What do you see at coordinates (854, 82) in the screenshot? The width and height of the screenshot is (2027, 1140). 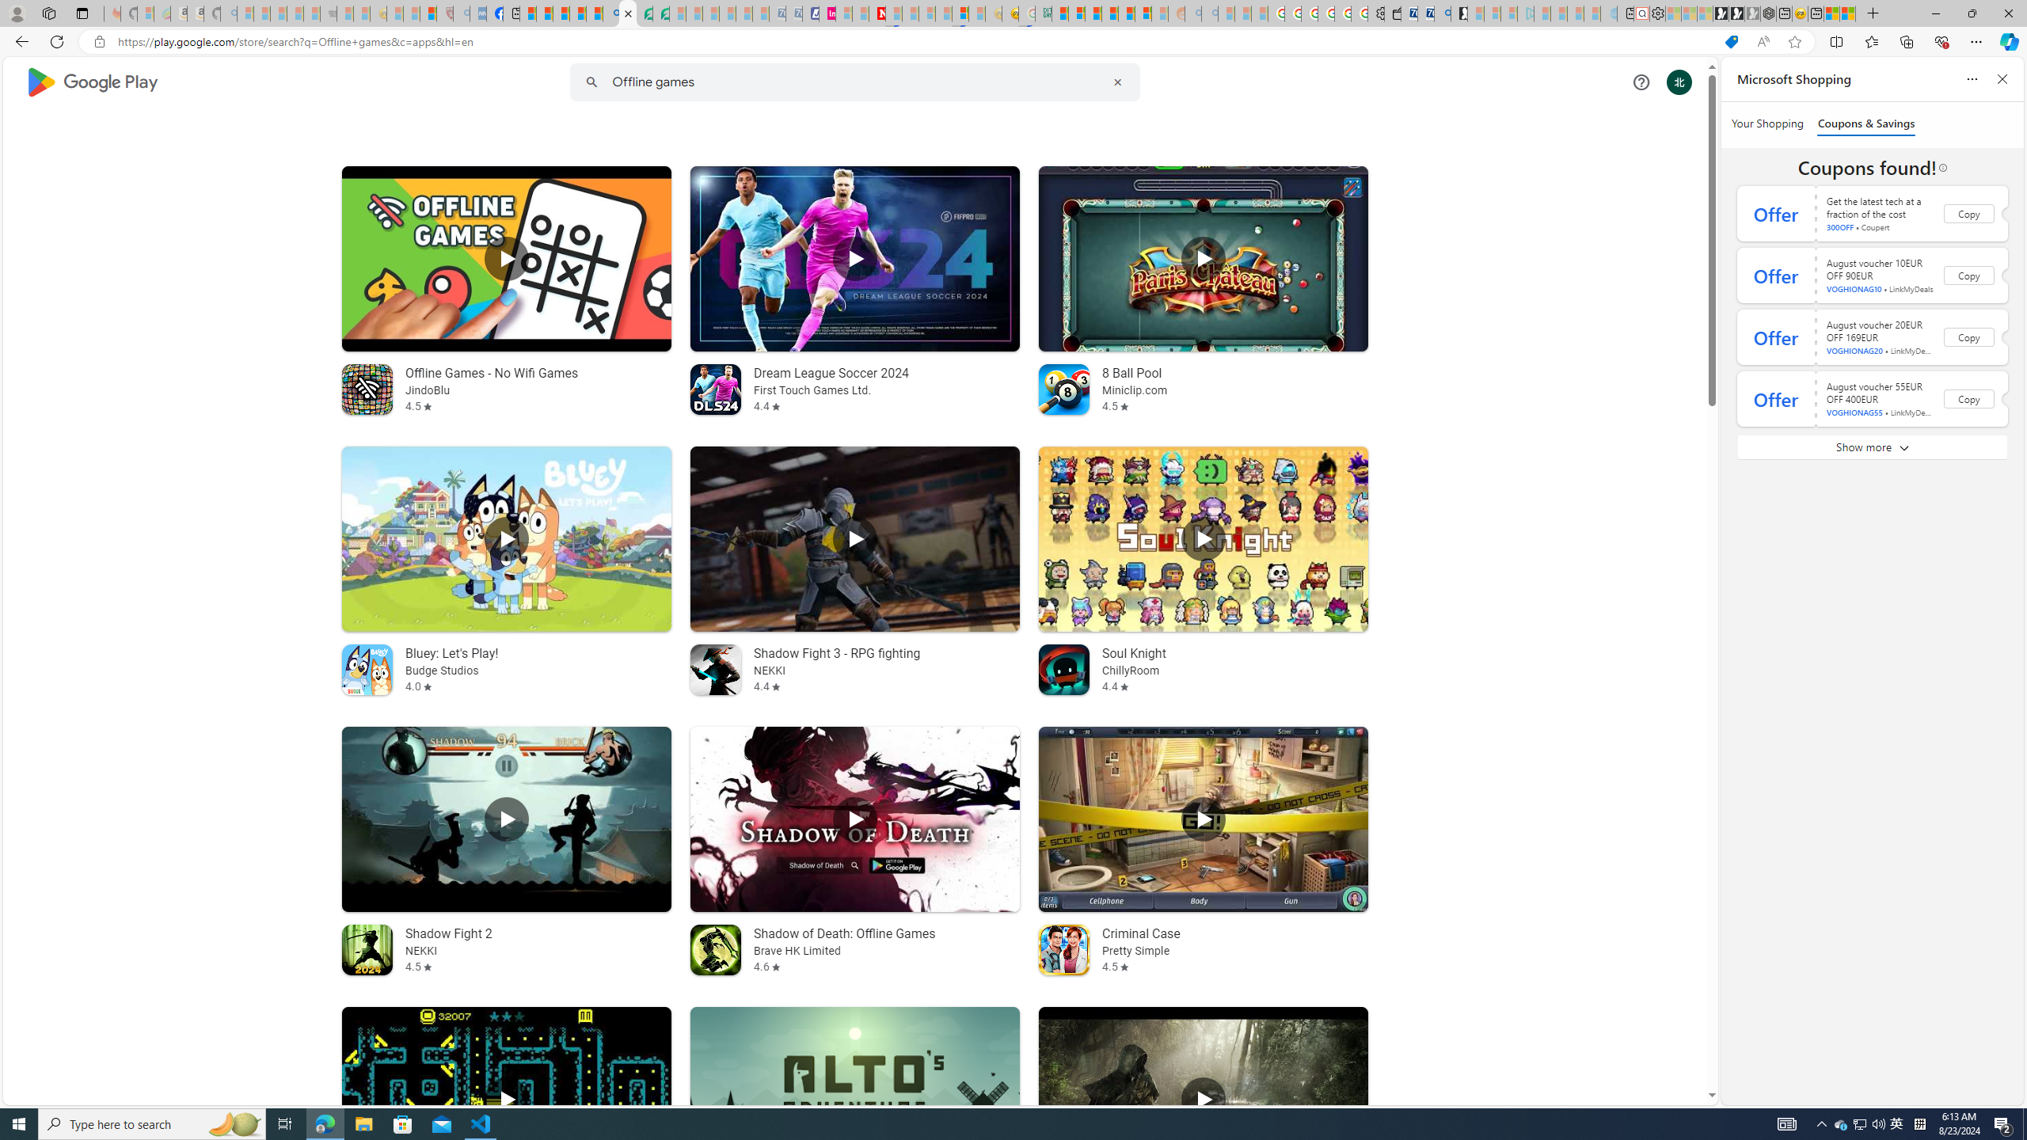 I see `'Class: hQnXo'` at bounding box center [854, 82].